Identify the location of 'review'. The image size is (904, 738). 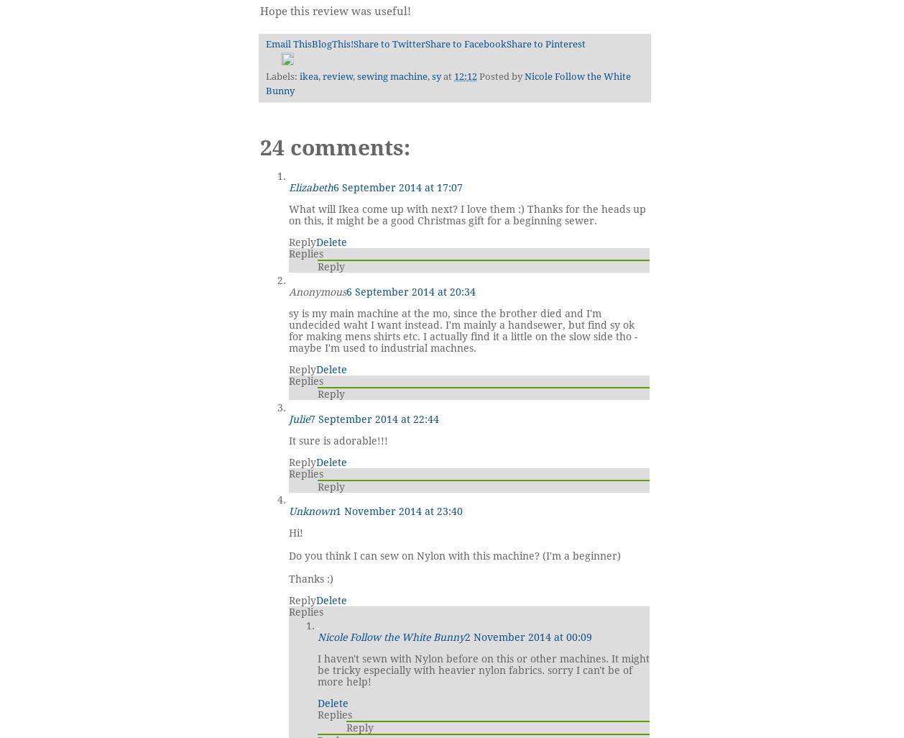
(336, 76).